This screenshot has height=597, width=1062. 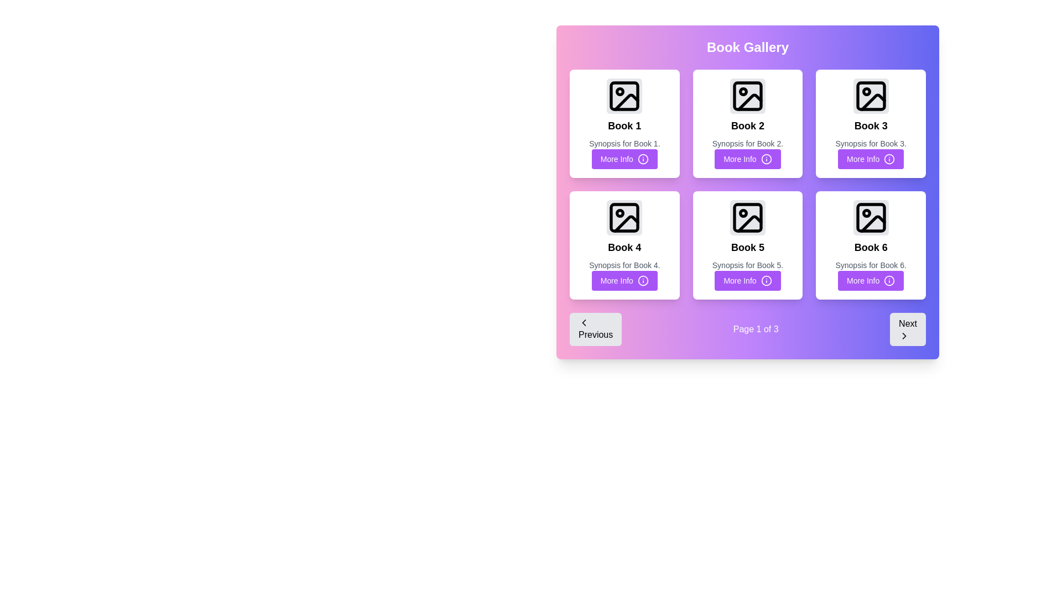 I want to click on the Chevron Right icon located at the bottom-right corner of the 'Next' button, which has a minimalist design and is styled with thin stroke lines, so click(x=904, y=336).